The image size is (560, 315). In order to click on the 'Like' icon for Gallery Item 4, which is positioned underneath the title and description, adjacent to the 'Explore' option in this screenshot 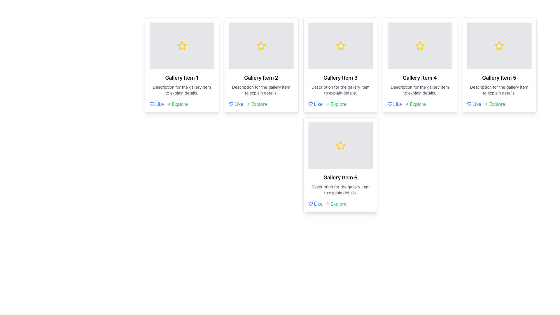, I will do `click(390, 104)`.